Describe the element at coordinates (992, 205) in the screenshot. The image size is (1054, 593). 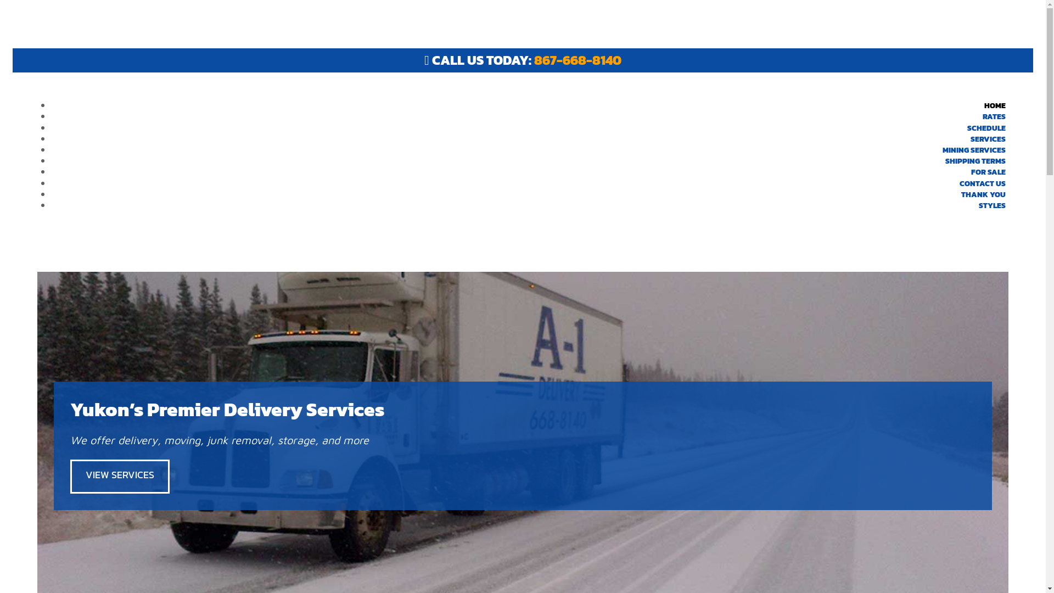
I see `'STYLES'` at that location.